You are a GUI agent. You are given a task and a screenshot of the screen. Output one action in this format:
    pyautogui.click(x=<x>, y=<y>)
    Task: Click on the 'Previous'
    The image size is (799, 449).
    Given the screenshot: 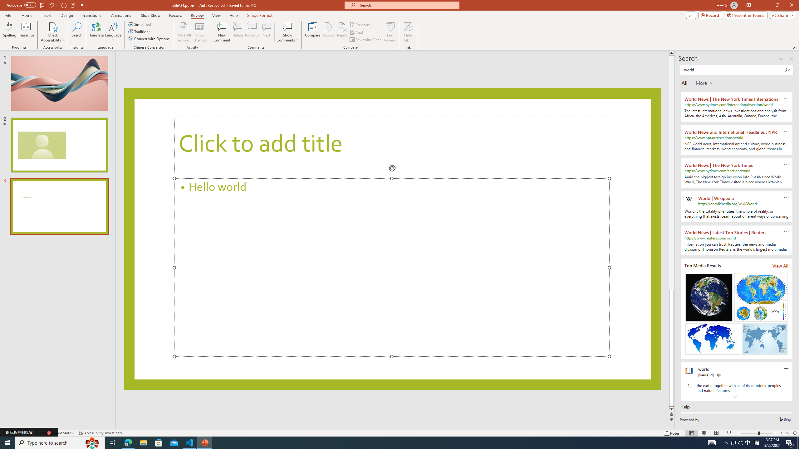 What is the action you would take?
    pyautogui.click(x=360, y=24)
    